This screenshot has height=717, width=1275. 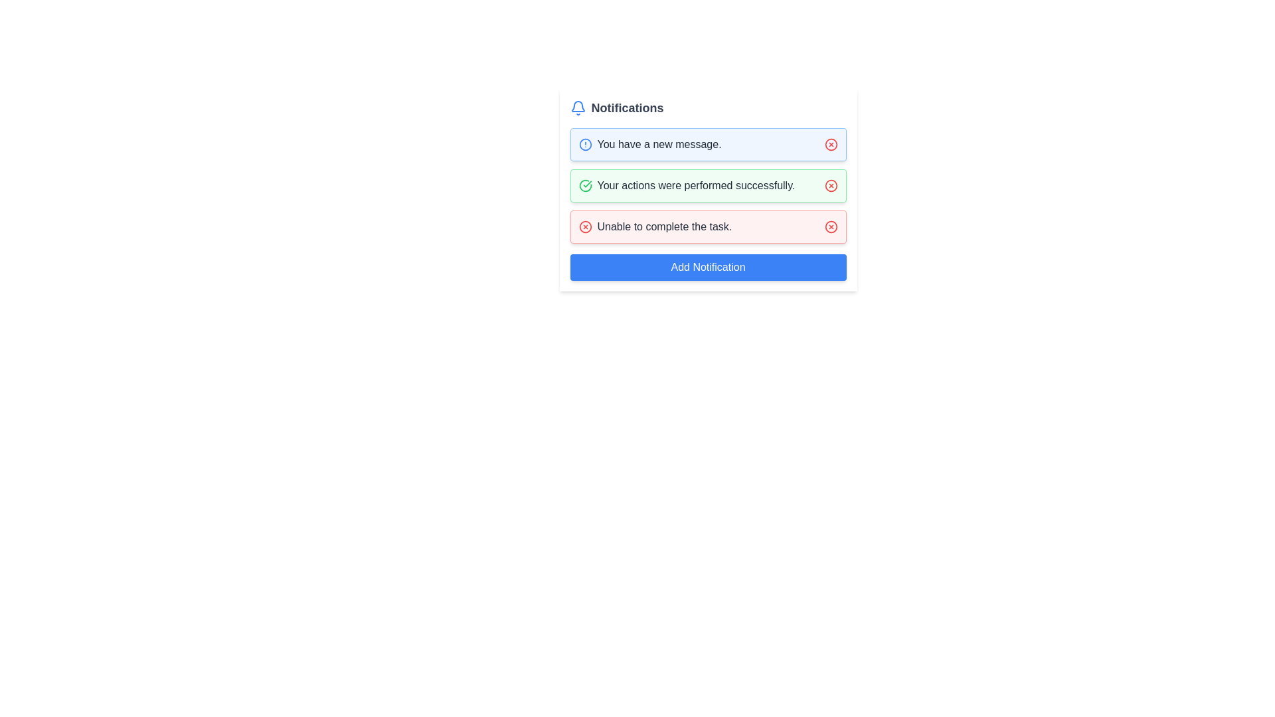 I want to click on the circular close or dismiss icon located to the immediate right of the text 'You have a new message.' in the first notification item, so click(x=830, y=145).